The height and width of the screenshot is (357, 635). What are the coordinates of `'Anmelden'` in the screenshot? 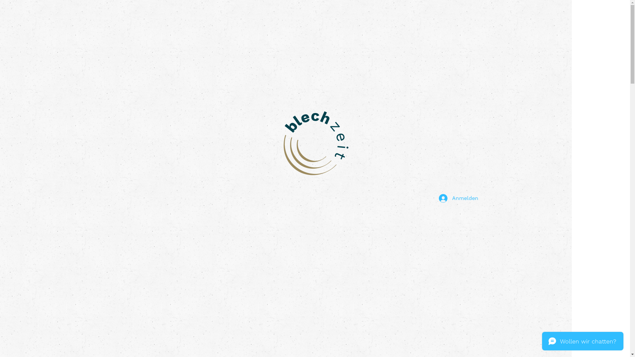 It's located at (434, 198).